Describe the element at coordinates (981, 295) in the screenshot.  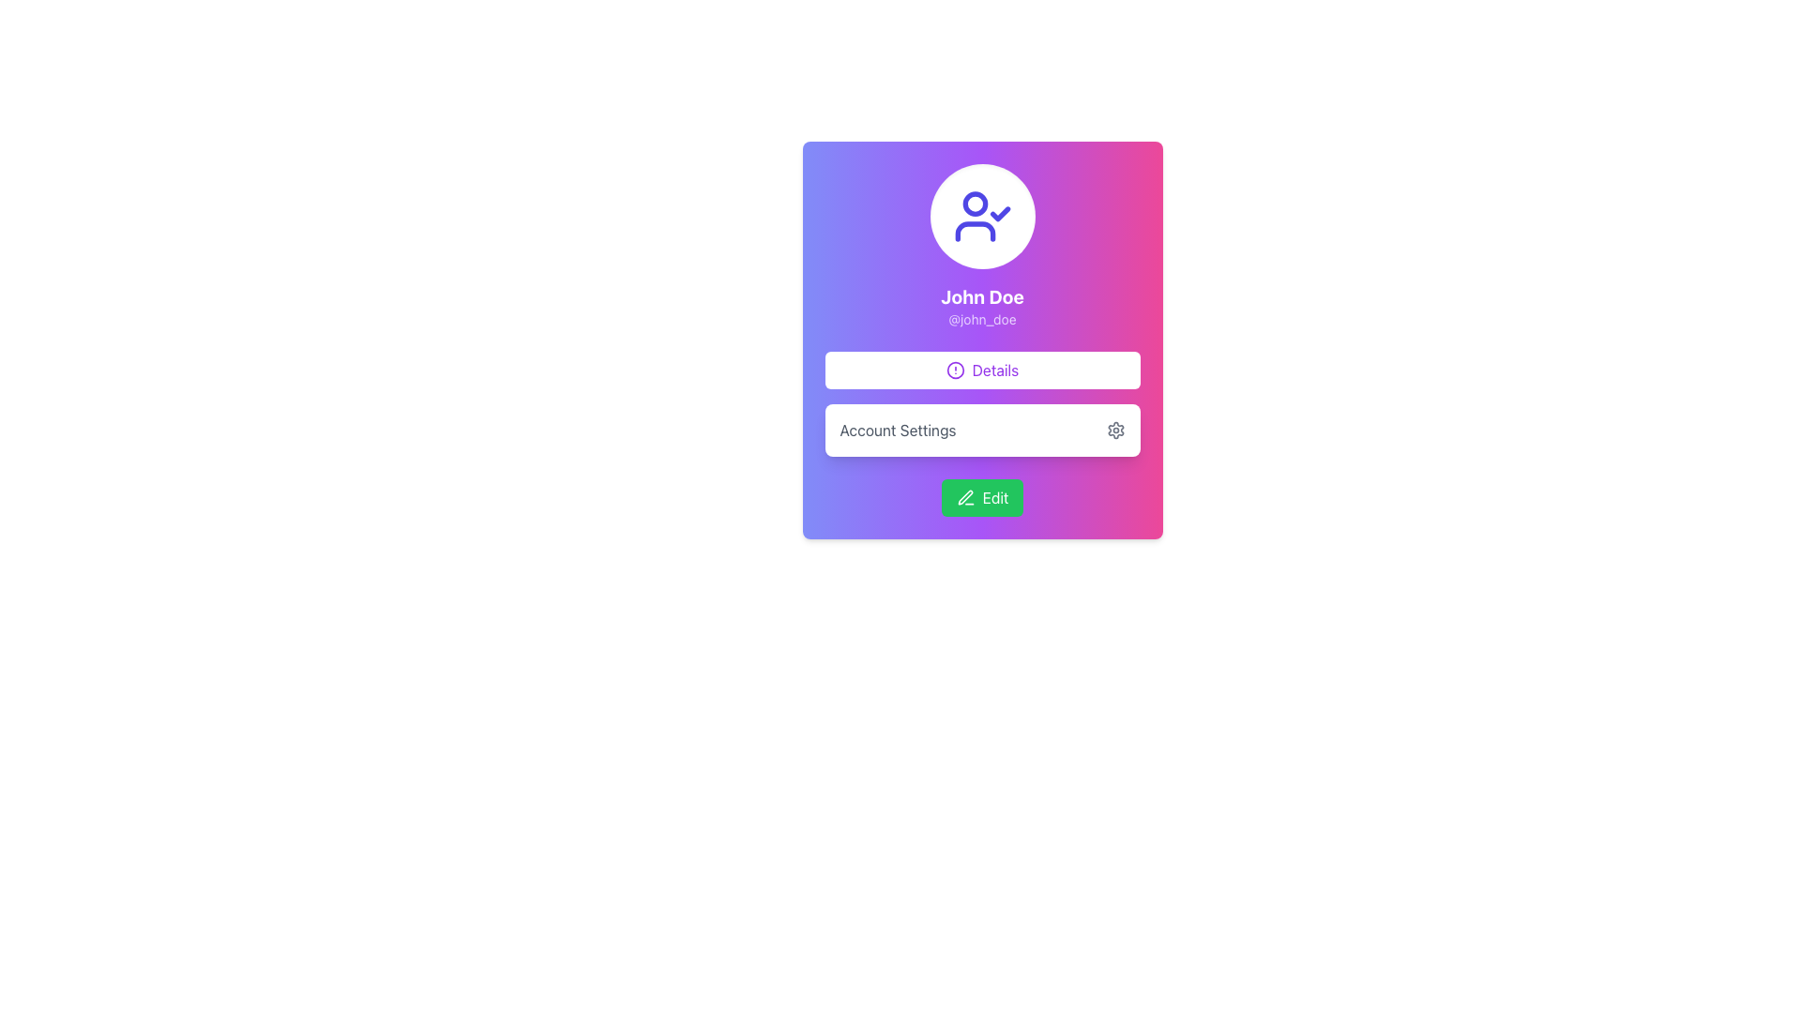
I see `the bold text label displaying 'John Doe' in white color, which is positioned above the username '@john_doe' within a colored gradient card interface` at that location.